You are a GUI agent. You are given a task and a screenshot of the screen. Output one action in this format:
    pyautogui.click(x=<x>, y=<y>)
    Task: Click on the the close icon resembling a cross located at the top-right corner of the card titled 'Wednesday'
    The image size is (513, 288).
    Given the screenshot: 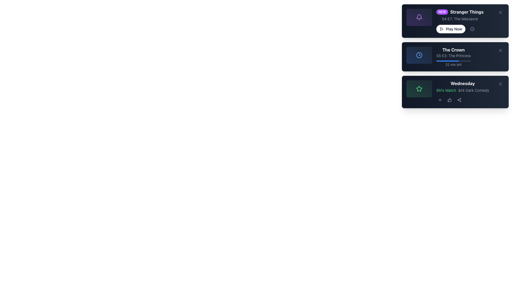 What is the action you would take?
    pyautogui.click(x=500, y=84)
    